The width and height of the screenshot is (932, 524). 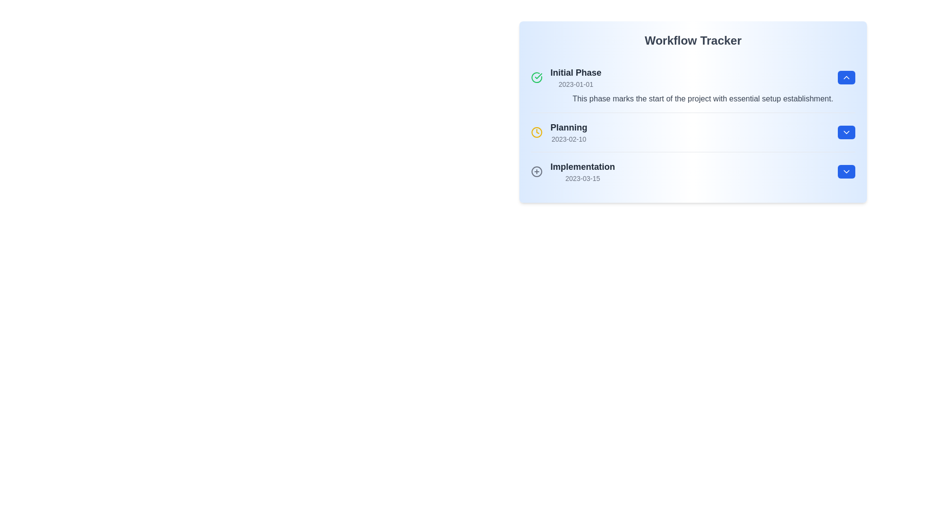 I want to click on the first list item titled 'Initial Phase' with a green checkmark icon in the 'Workflow Tracker' panel, so click(x=566, y=77).